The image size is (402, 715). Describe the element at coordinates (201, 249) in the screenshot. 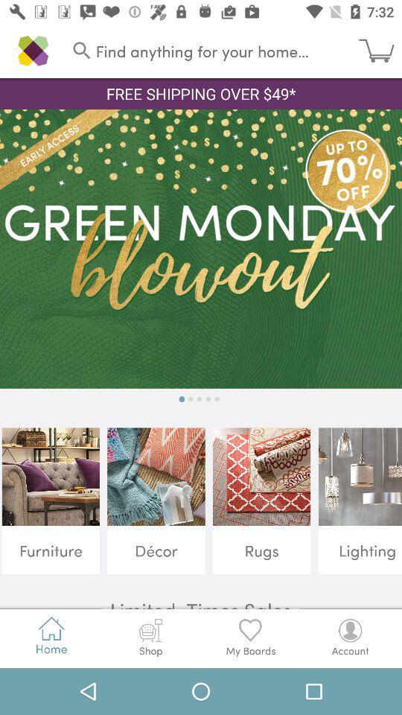

I see `open the advertisement` at that location.